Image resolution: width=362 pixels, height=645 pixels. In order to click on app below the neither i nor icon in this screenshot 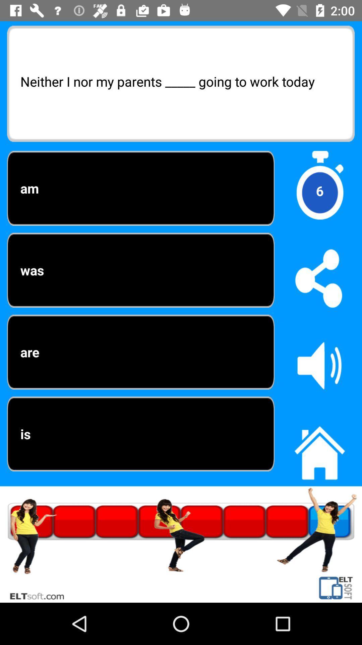, I will do `click(319, 190)`.